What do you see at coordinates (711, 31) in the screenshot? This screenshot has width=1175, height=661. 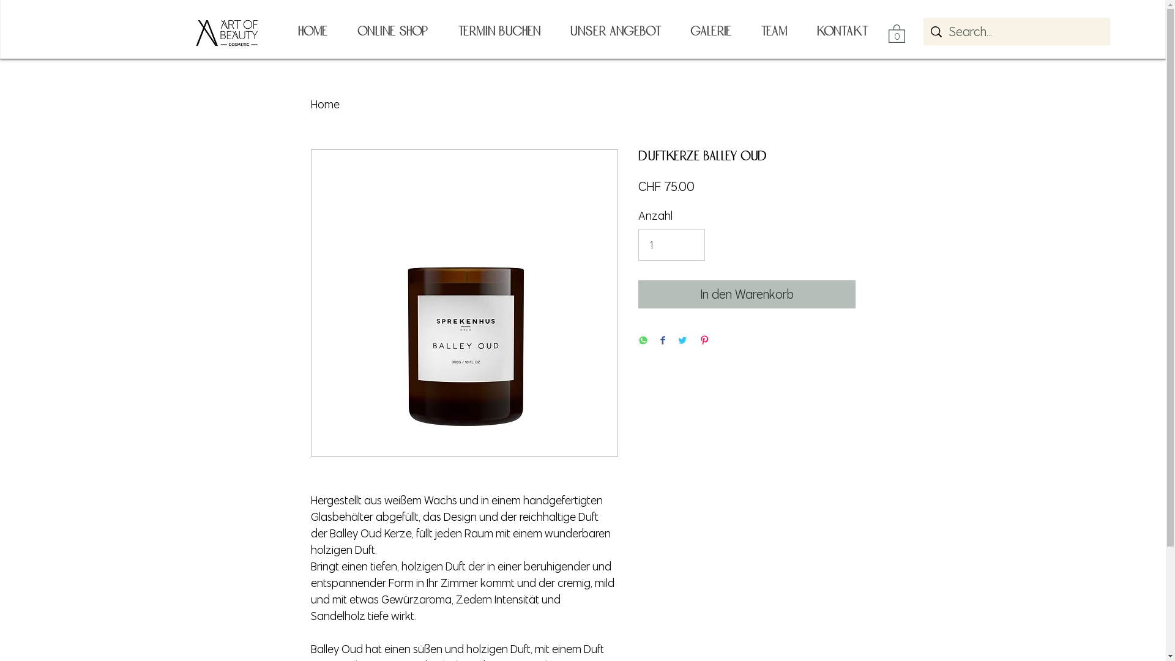 I see `'GALERIE'` at bounding box center [711, 31].